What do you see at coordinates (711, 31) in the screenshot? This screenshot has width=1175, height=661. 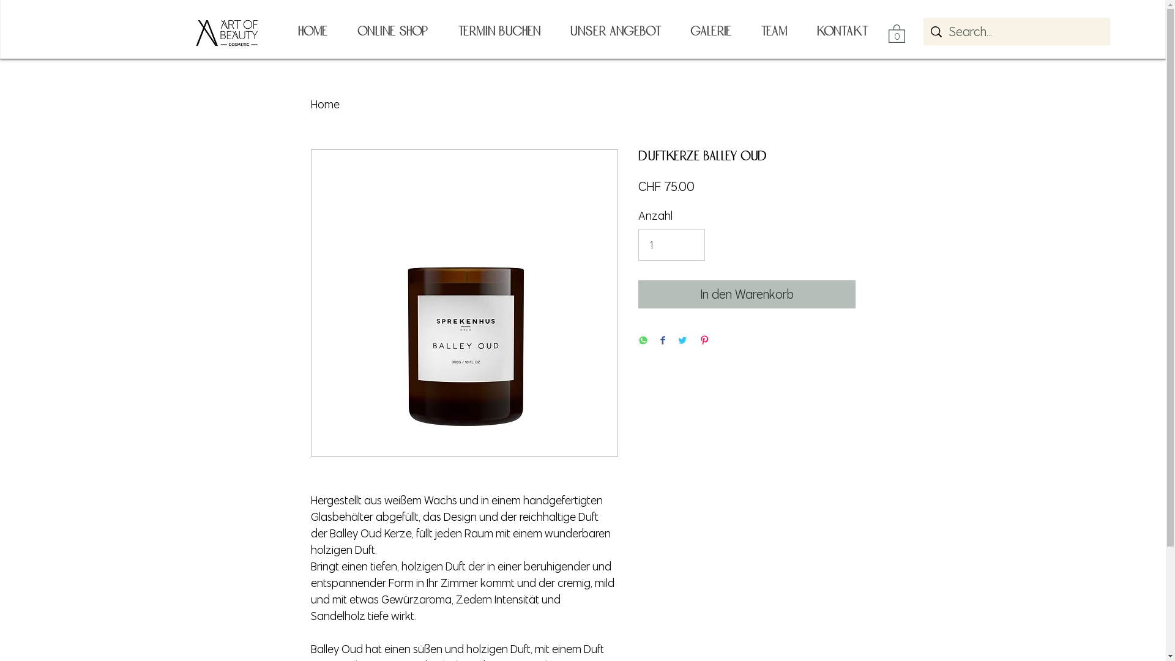 I see `'GALERIE'` at bounding box center [711, 31].